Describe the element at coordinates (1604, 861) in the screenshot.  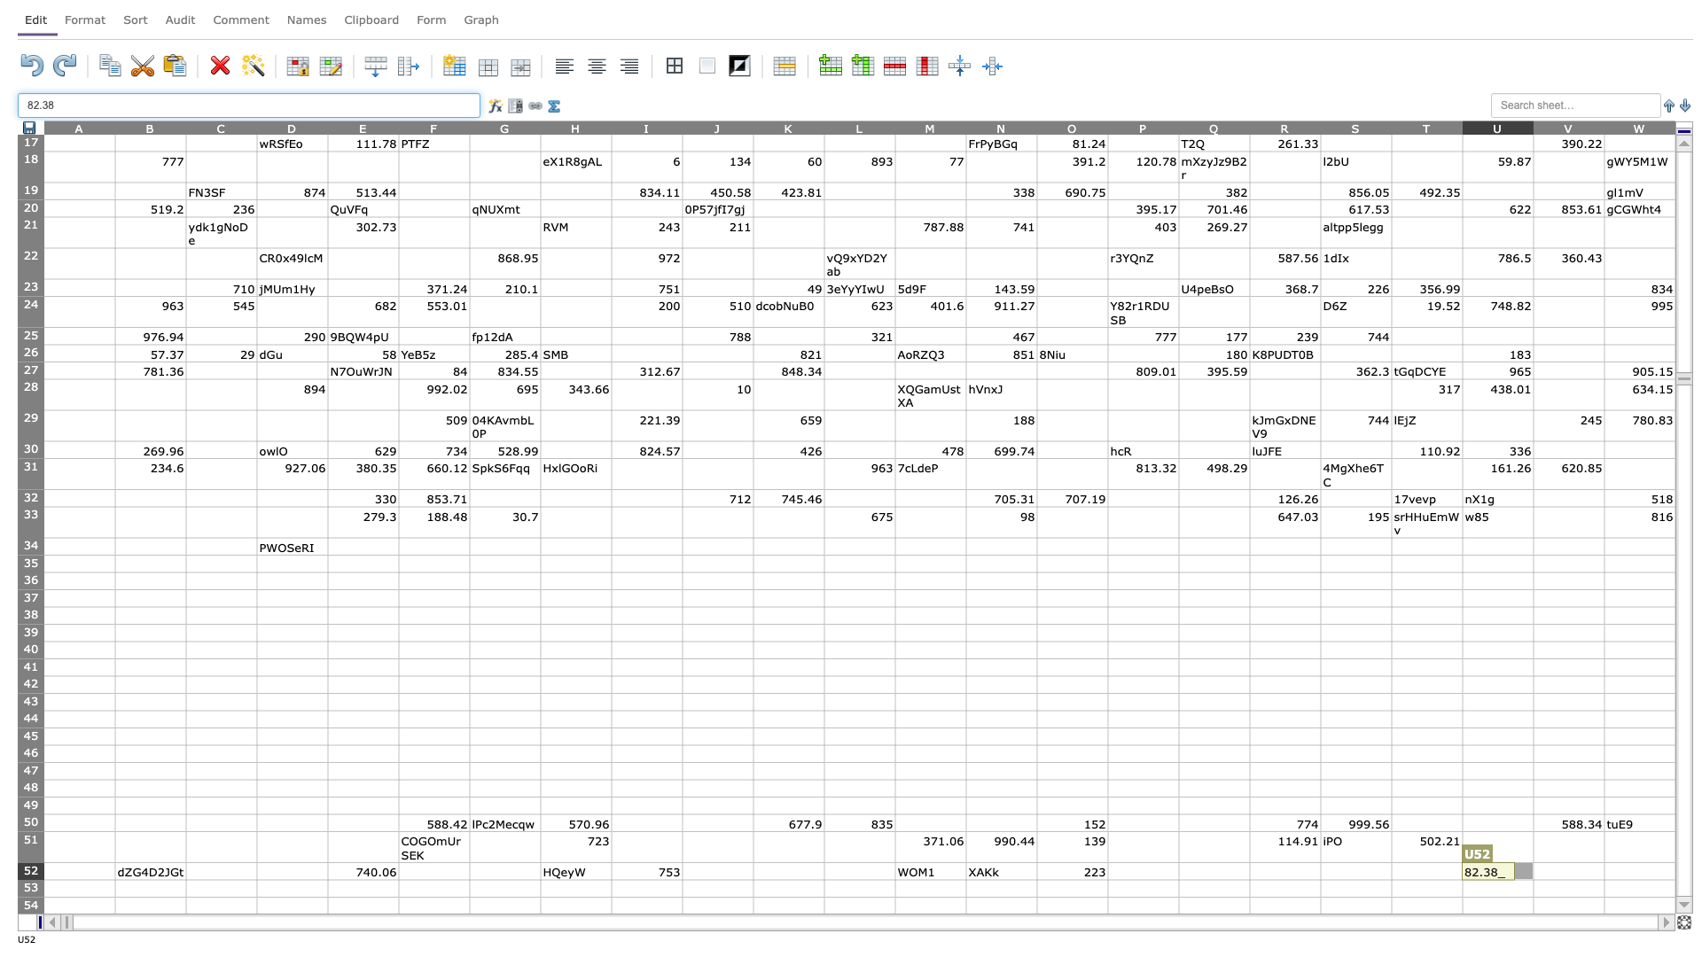
I see `top left corner of W52` at that location.